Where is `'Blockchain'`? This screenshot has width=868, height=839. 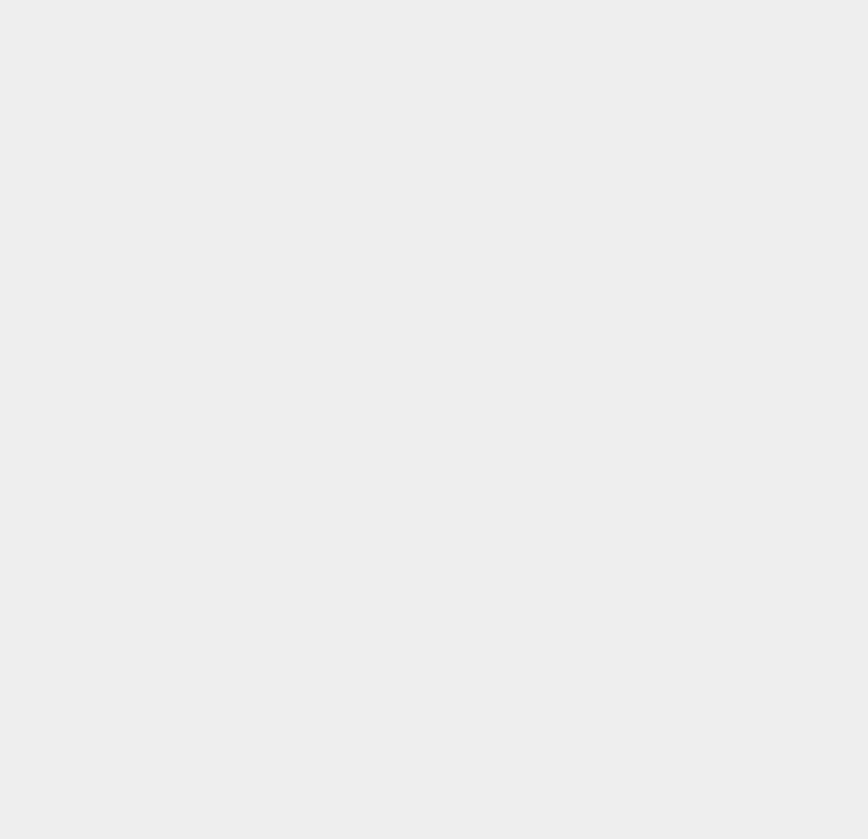 'Blockchain' is located at coordinates (641, 689).